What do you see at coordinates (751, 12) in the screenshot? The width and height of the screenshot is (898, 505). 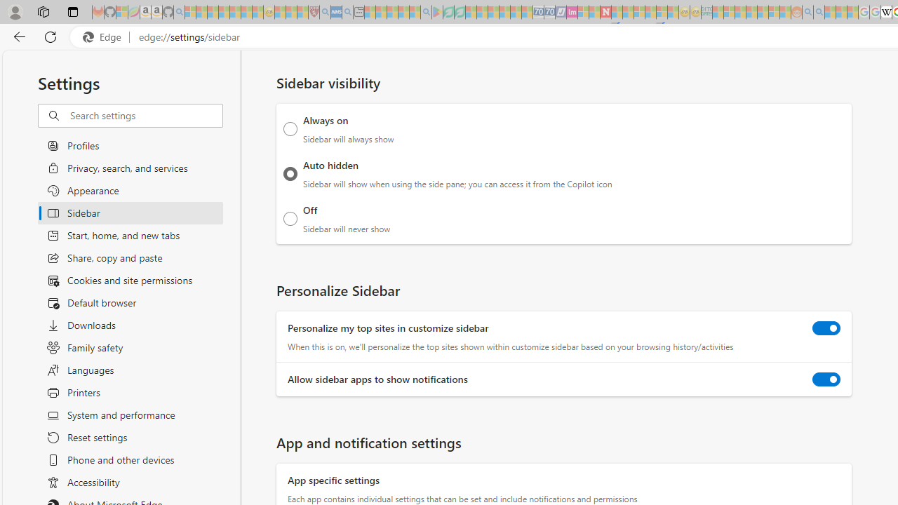 I see `'Expert Portfolios - Sleeping'` at bounding box center [751, 12].